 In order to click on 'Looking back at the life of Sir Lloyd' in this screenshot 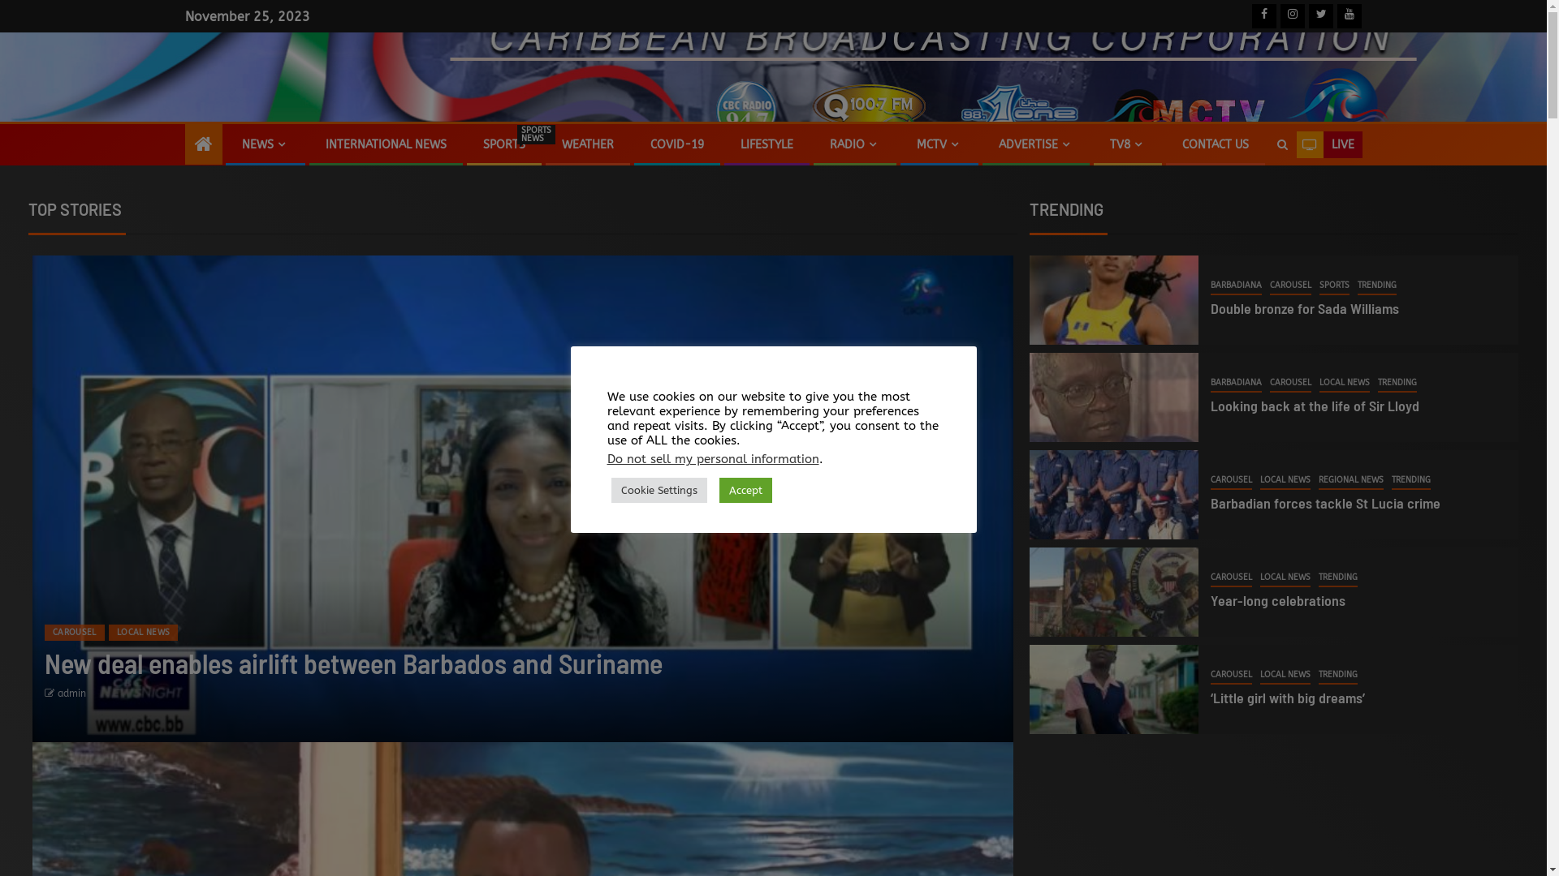, I will do `click(1211, 405)`.